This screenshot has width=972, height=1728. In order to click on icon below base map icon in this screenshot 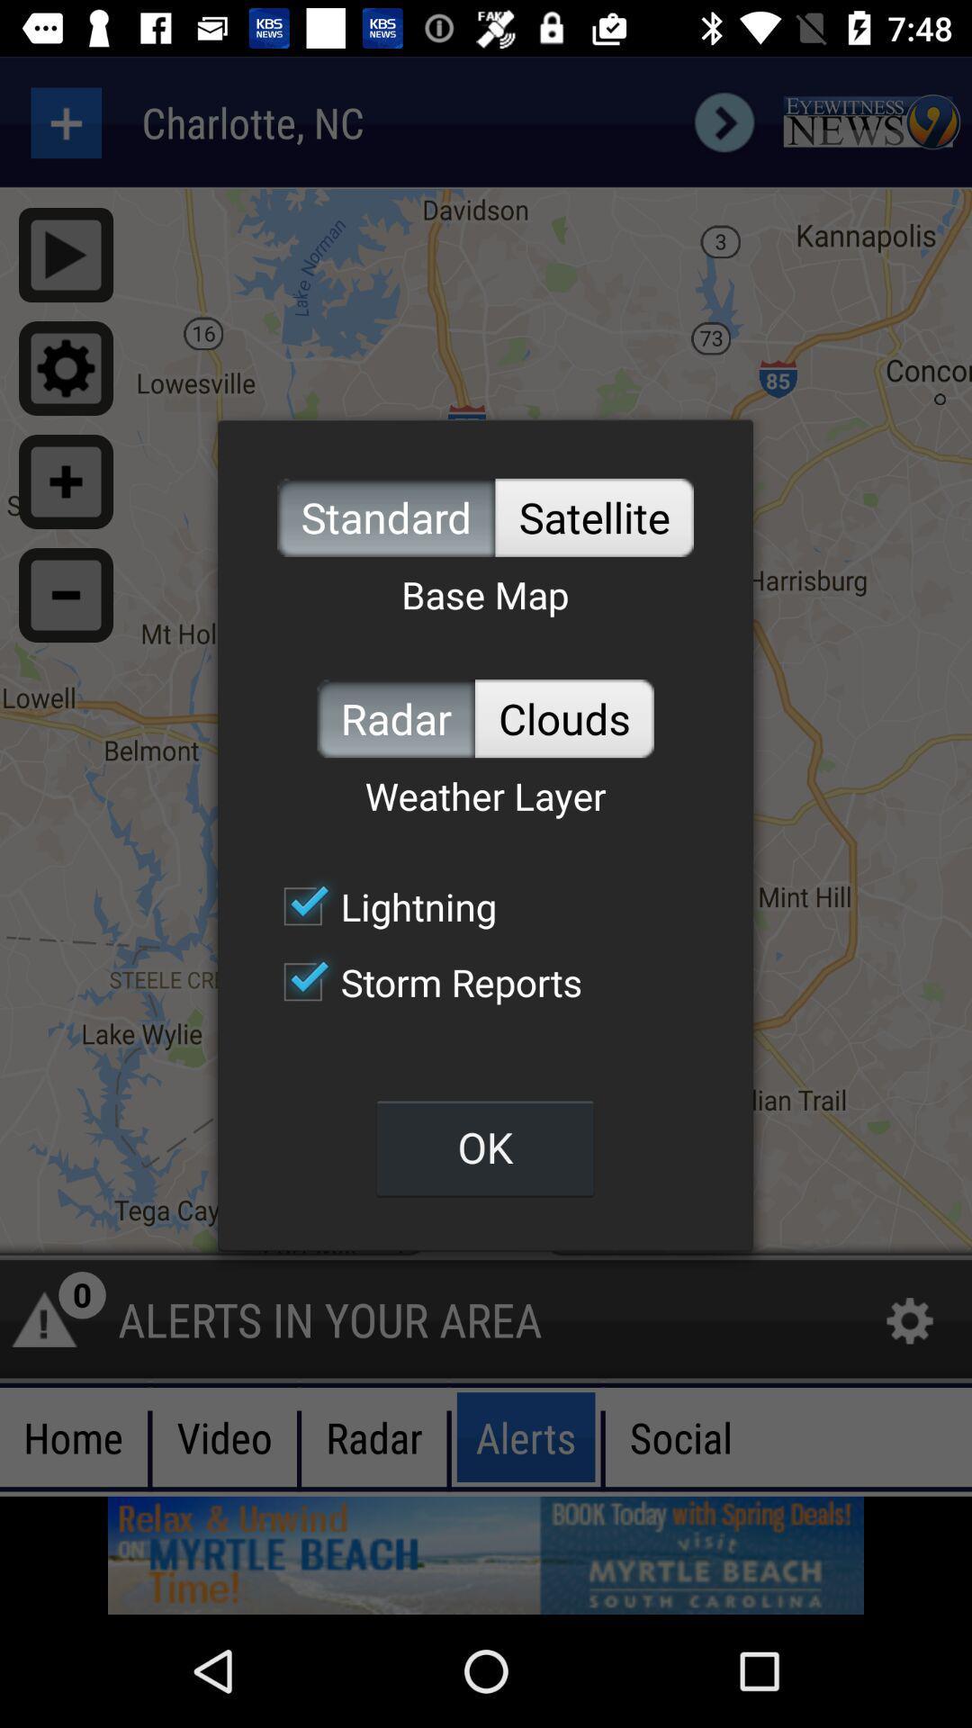, I will do `click(563, 717)`.